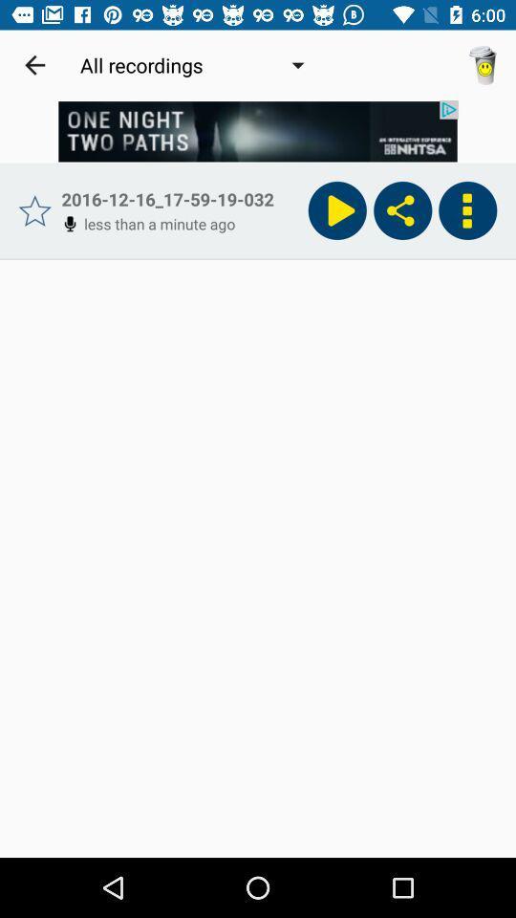 Image resolution: width=516 pixels, height=918 pixels. I want to click on advertisement option, so click(258, 130).